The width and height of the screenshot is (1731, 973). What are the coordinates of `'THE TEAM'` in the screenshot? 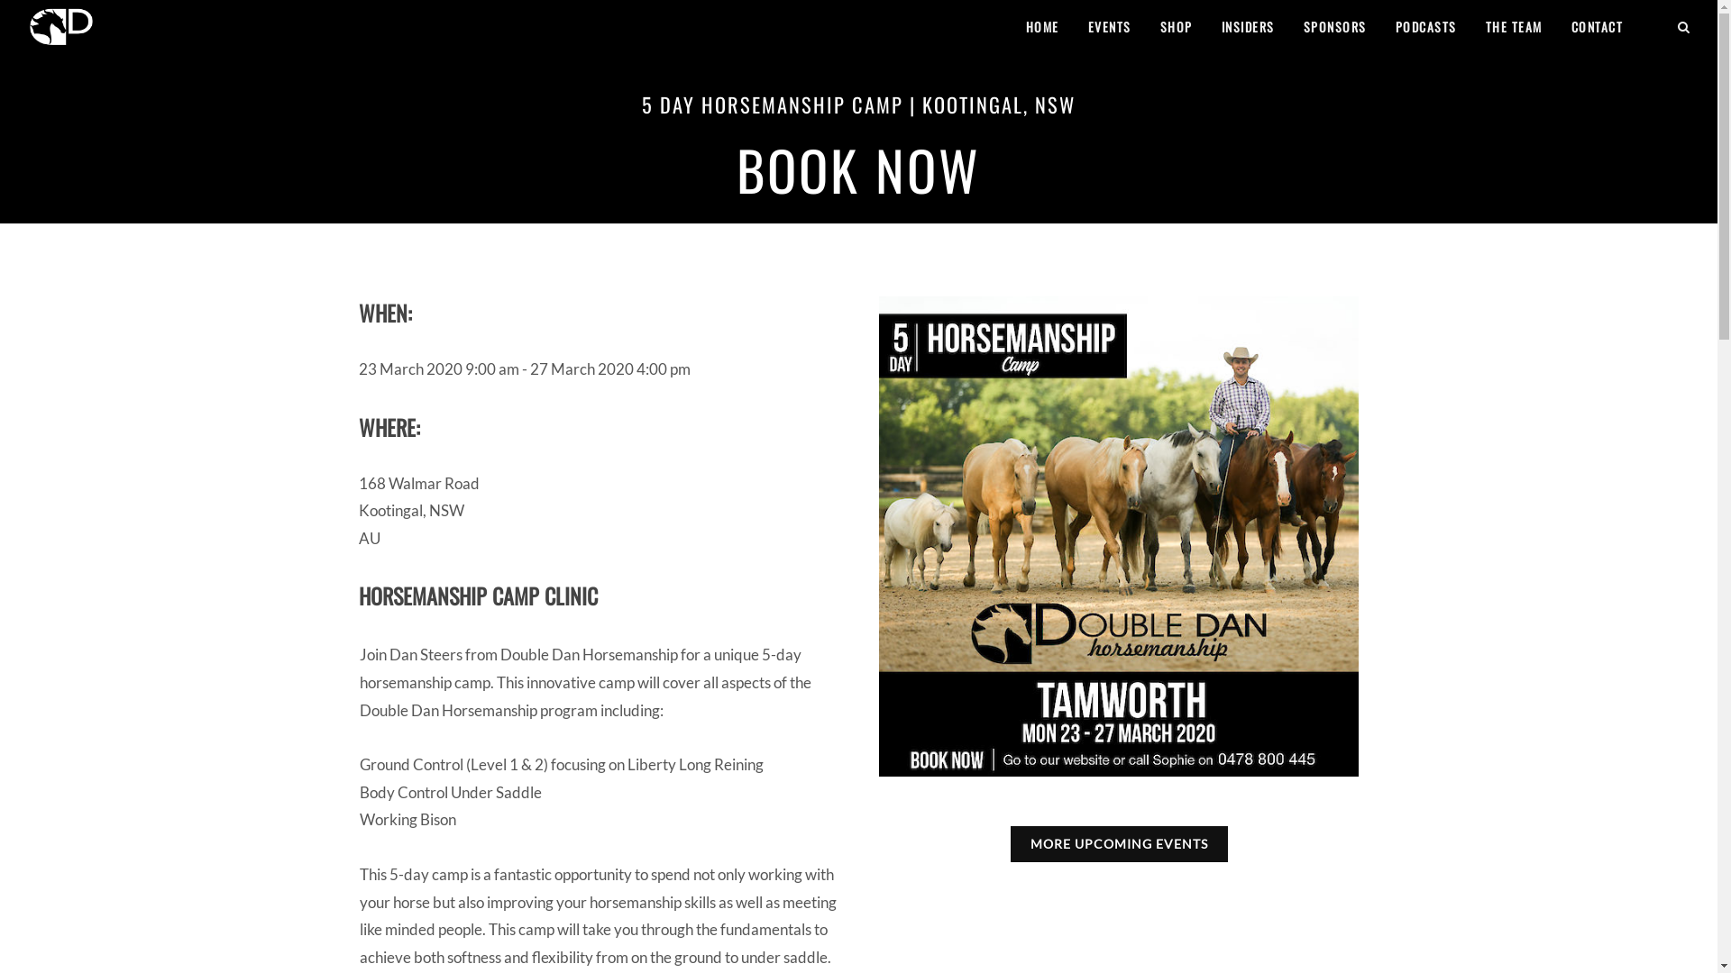 It's located at (1513, 27).